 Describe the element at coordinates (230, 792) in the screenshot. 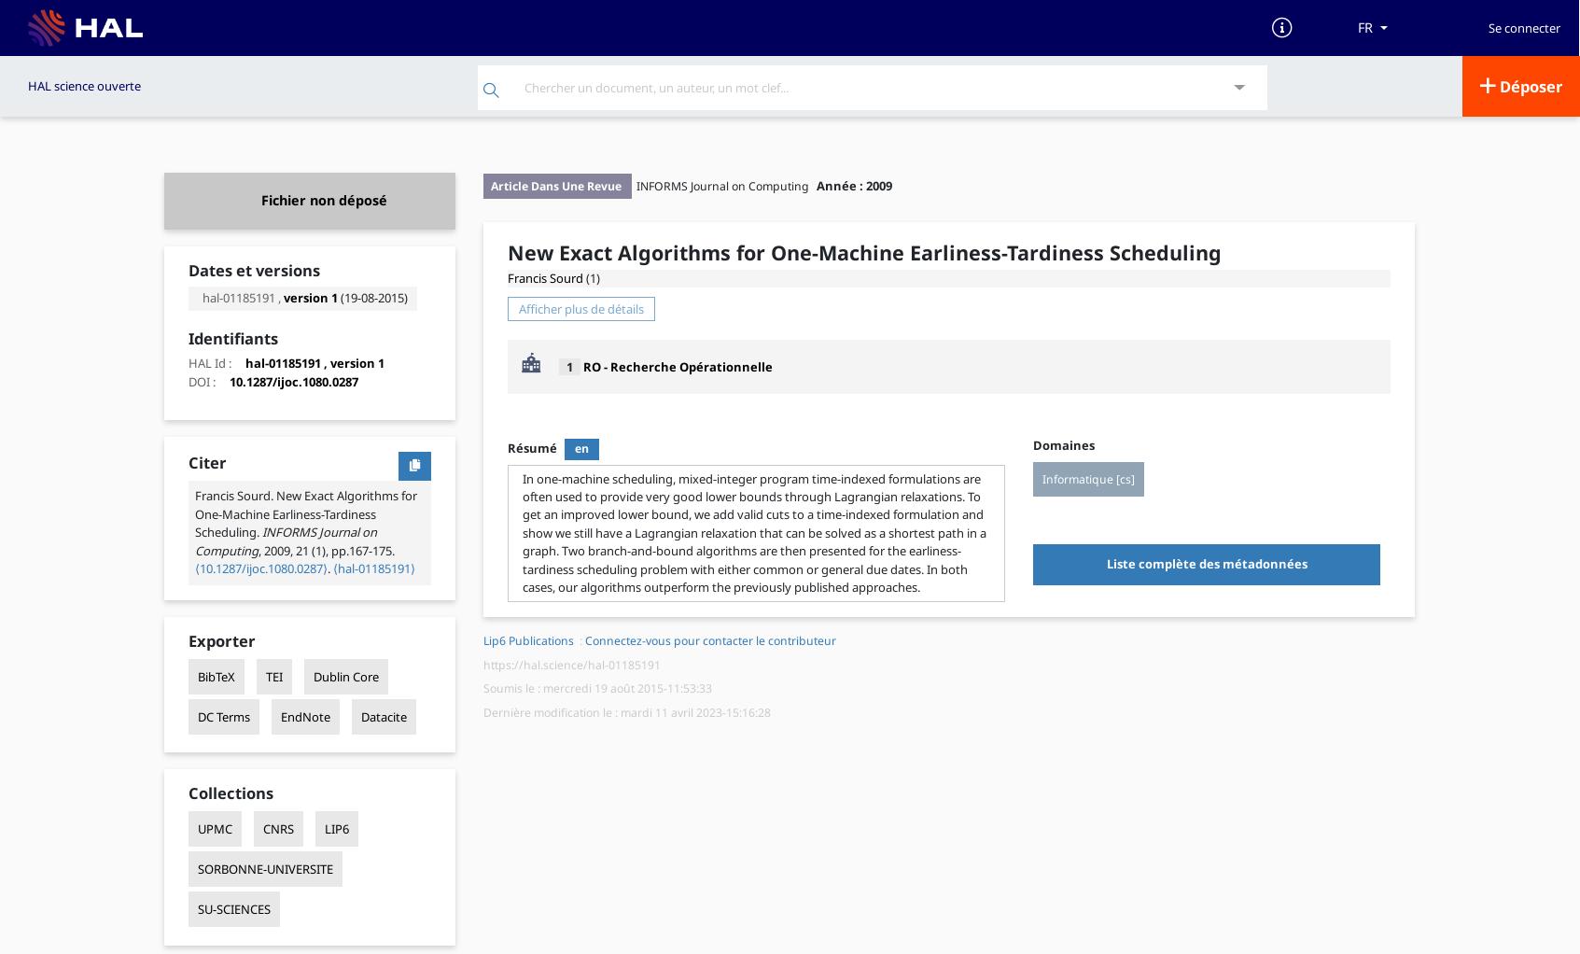

I see `'Collections'` at that location.